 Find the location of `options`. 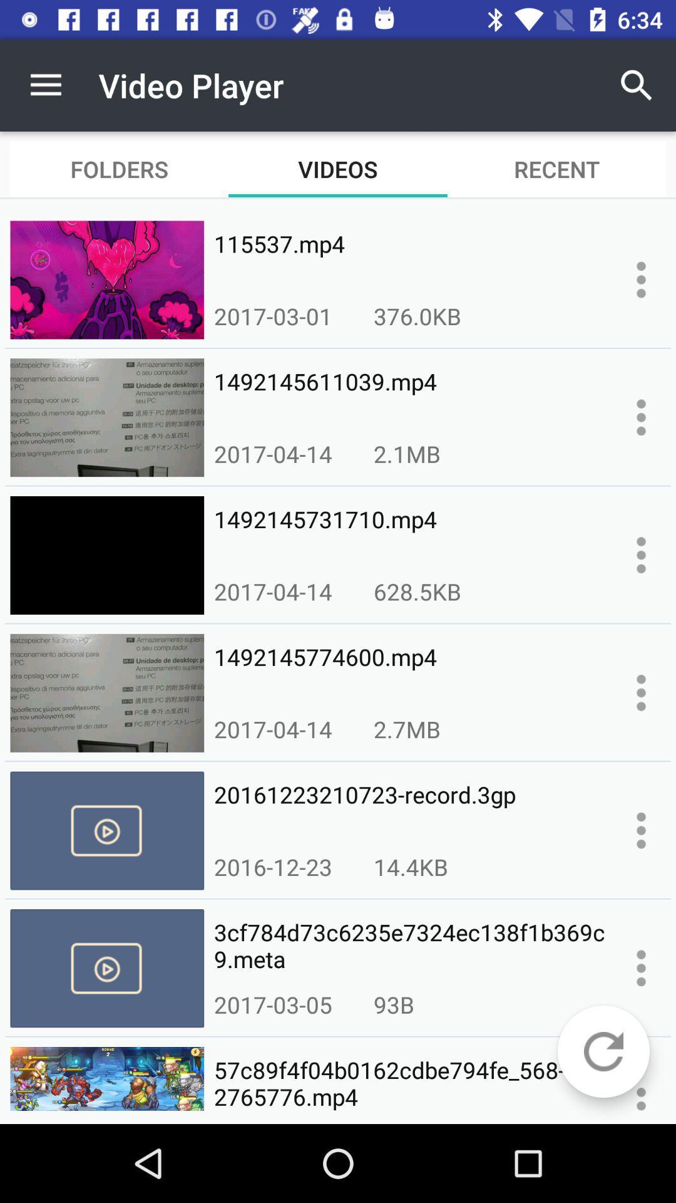

options is located at coordinates (641, 830).